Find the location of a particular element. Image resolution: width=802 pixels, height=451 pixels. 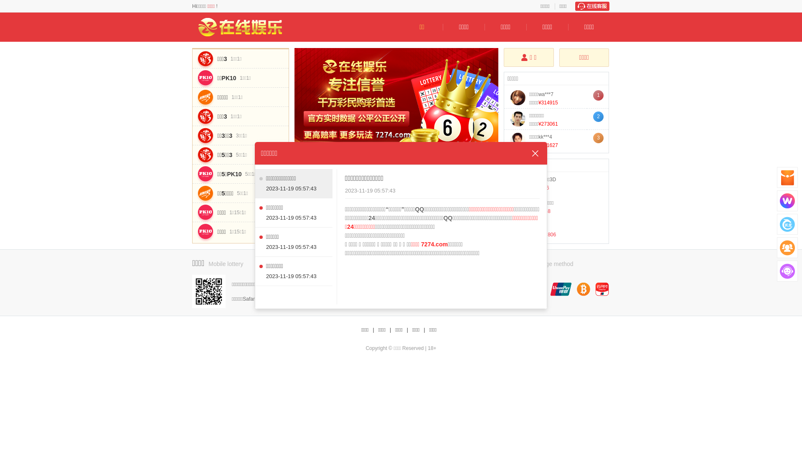

'|' is located at coordinates (424, 329).